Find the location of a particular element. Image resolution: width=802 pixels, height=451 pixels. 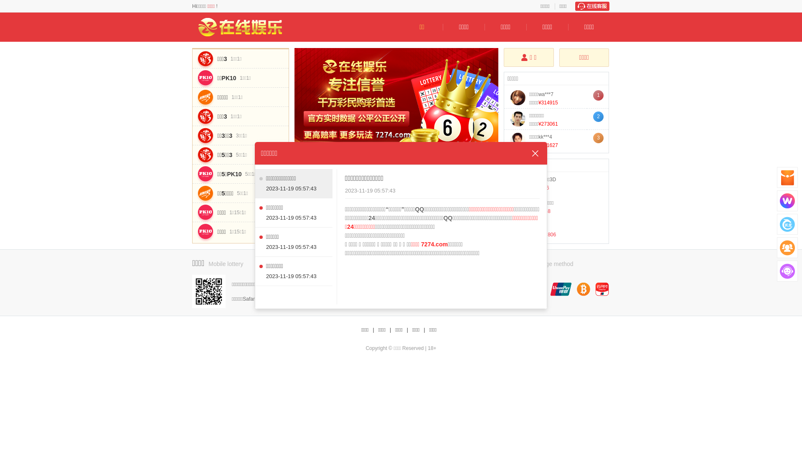

'|' is located at coordinates (424, 329).